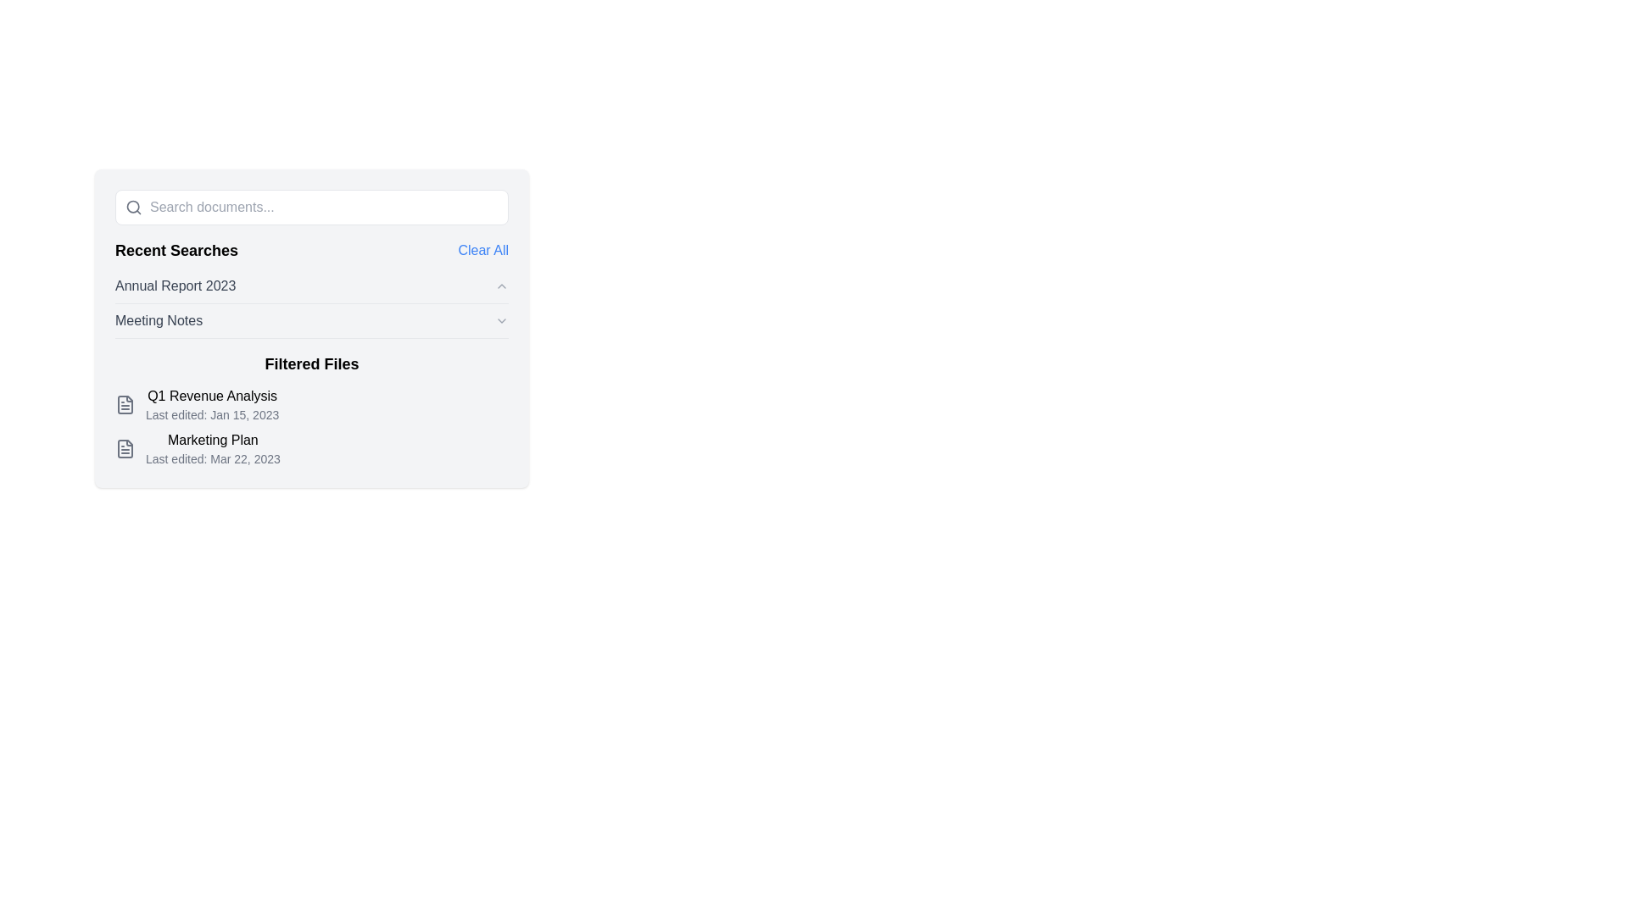  Describe the element at coordinates (312, 405) in the screenshot. I see `the File summary row displaying 'Q1 Revenue Analysis'` at that location.